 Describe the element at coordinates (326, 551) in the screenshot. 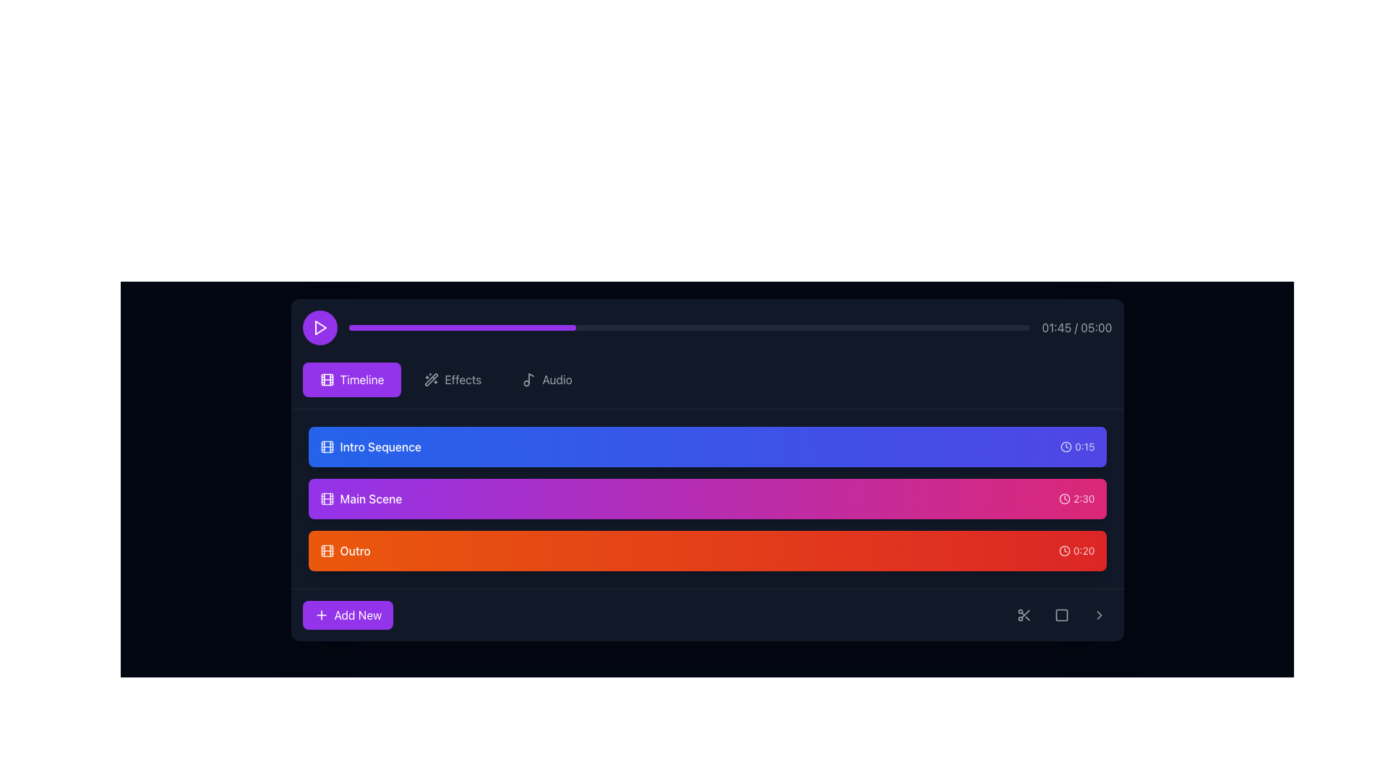

I see `the video icon associated with the 'Outro' label located on the left-most side of the highlighted orange row in the sequence selector panel` at that location.